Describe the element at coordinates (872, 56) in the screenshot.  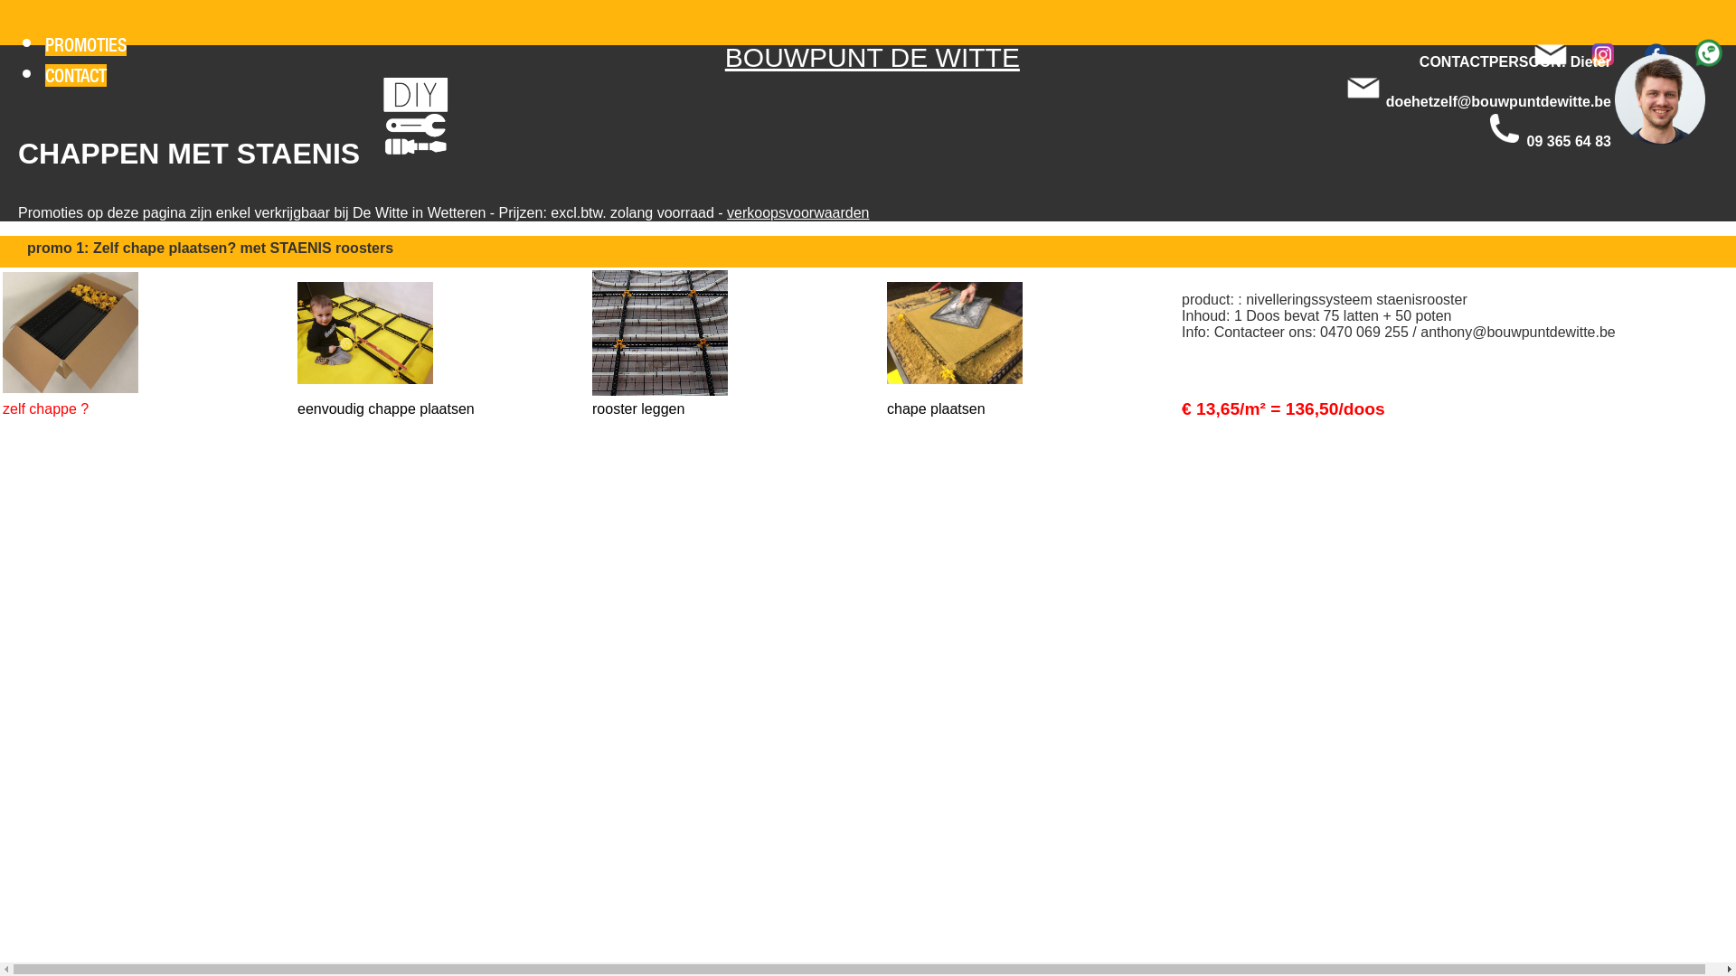
I see `'BOUWPUNT DE WITTE'` at that location.